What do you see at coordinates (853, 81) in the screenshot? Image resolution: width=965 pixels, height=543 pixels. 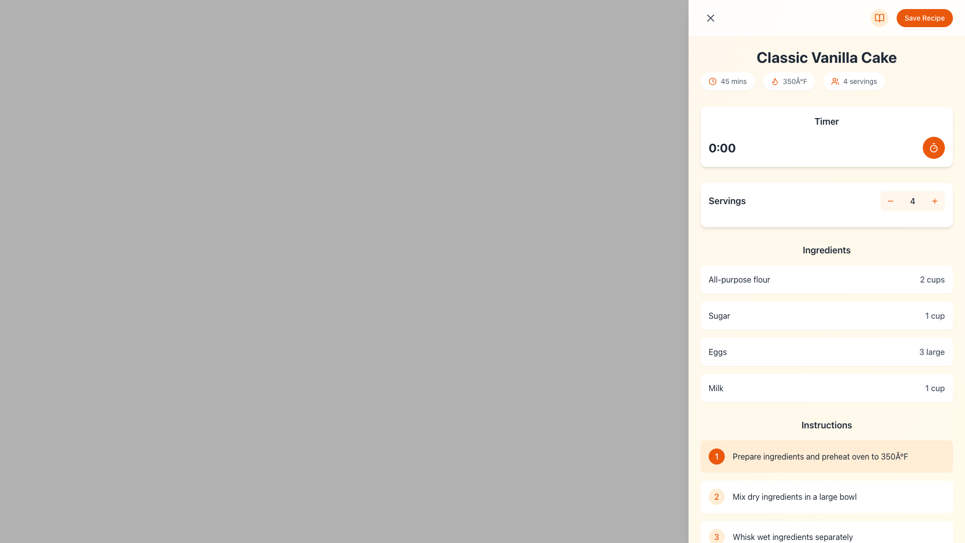 I see `the third static informational badge that displays '4 servings', which has a white background and an orange user icon, located in the upper section of the interface` at bounding box center [853, 81].